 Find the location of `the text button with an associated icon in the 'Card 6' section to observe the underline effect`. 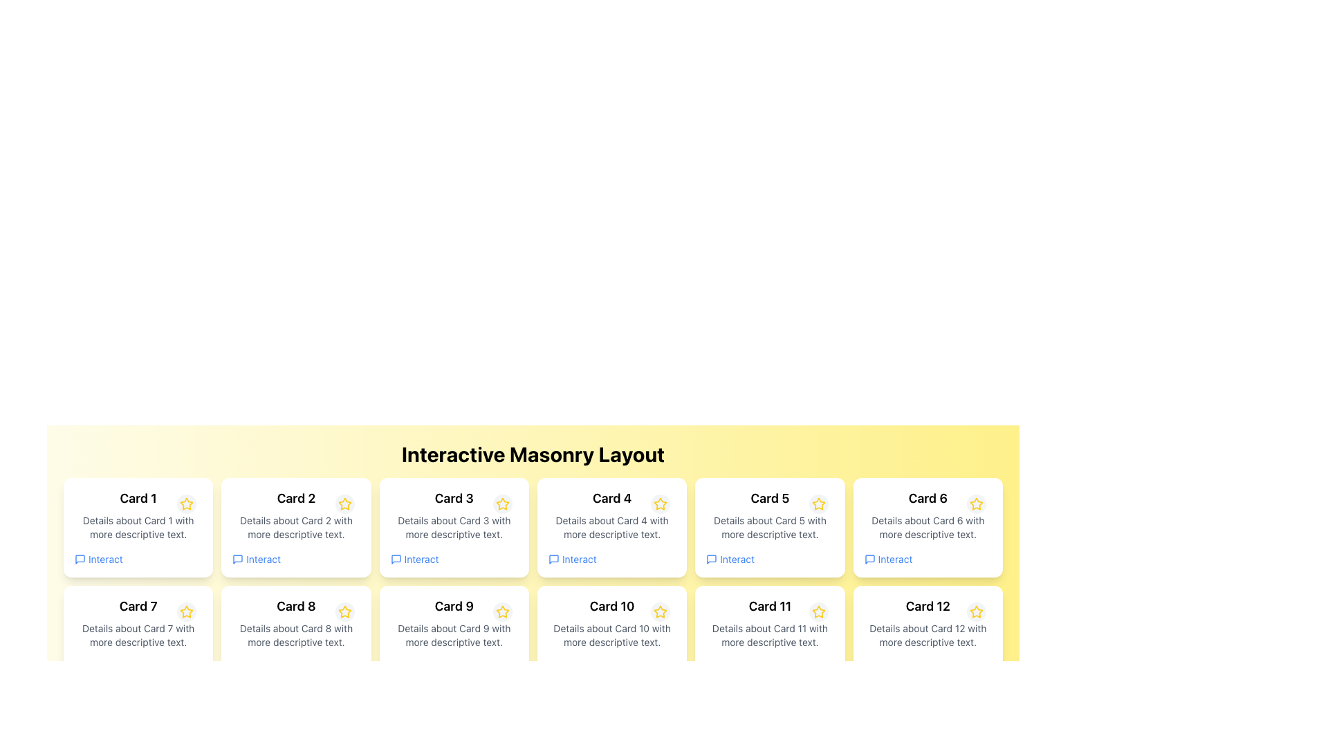

the text button with an associated icon in the 'Card 6' section to observe the underline effect is located at coordinates (888, 559).